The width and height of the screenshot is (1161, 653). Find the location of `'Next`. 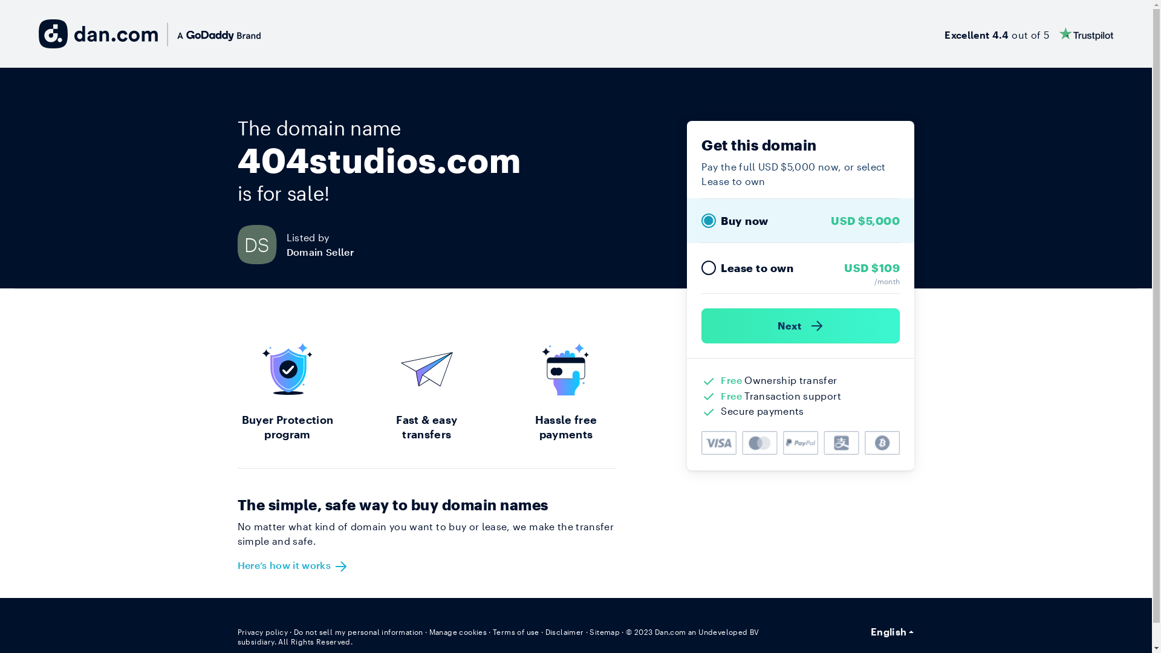

'Next is located at coordinates (801, 325).